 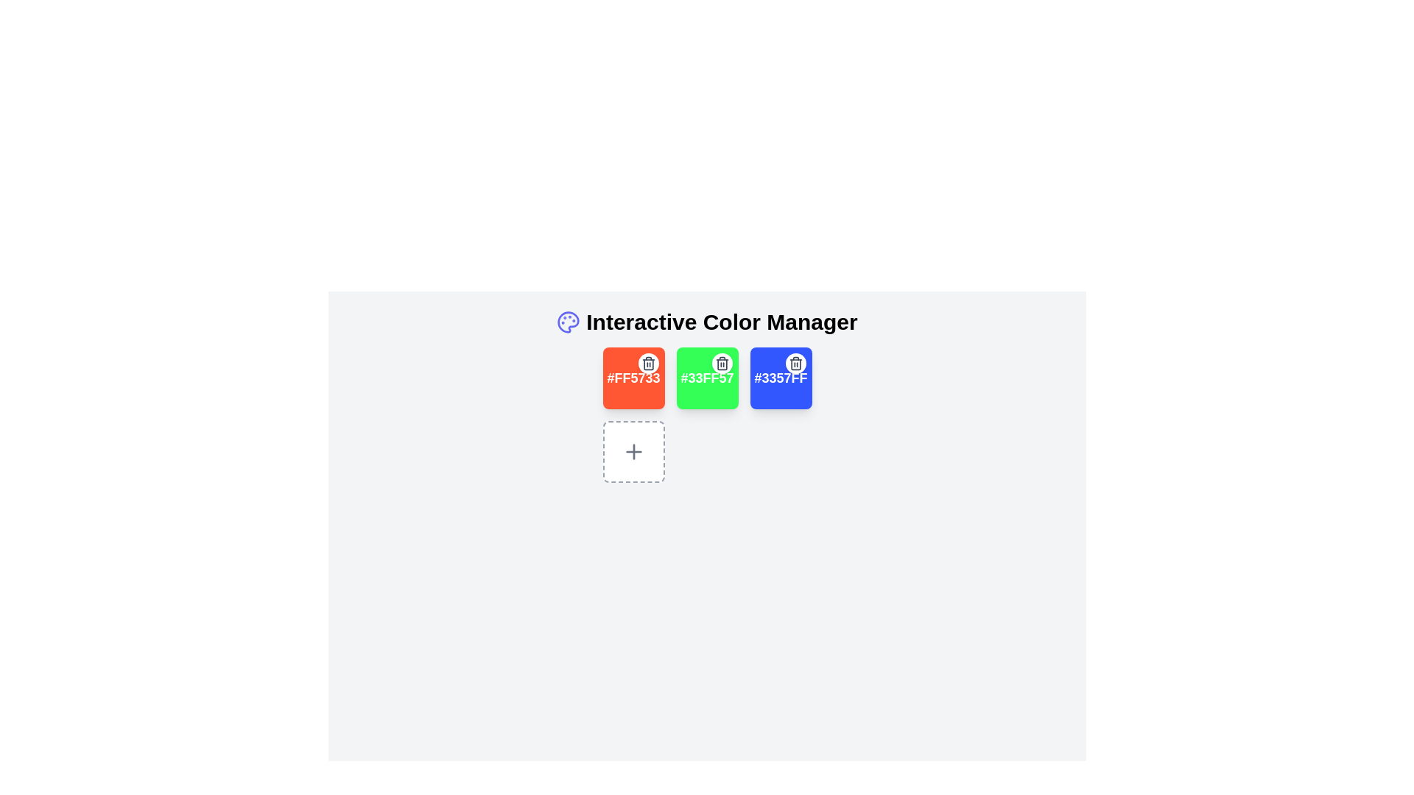 I want to click on the interactive color tile displaying the color '#33FF57', so click(x=707, y=377).